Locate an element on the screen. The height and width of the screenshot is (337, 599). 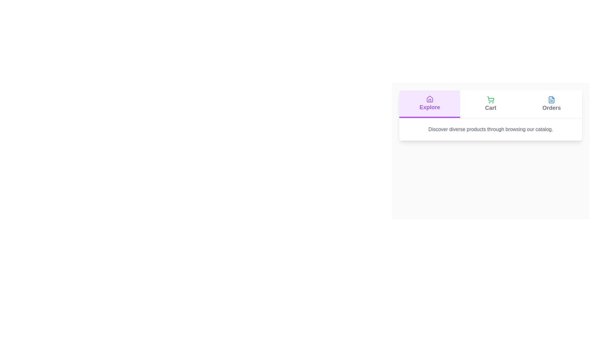
the tab labeled Explore to switch to its content is located at coordinates (429, 104).